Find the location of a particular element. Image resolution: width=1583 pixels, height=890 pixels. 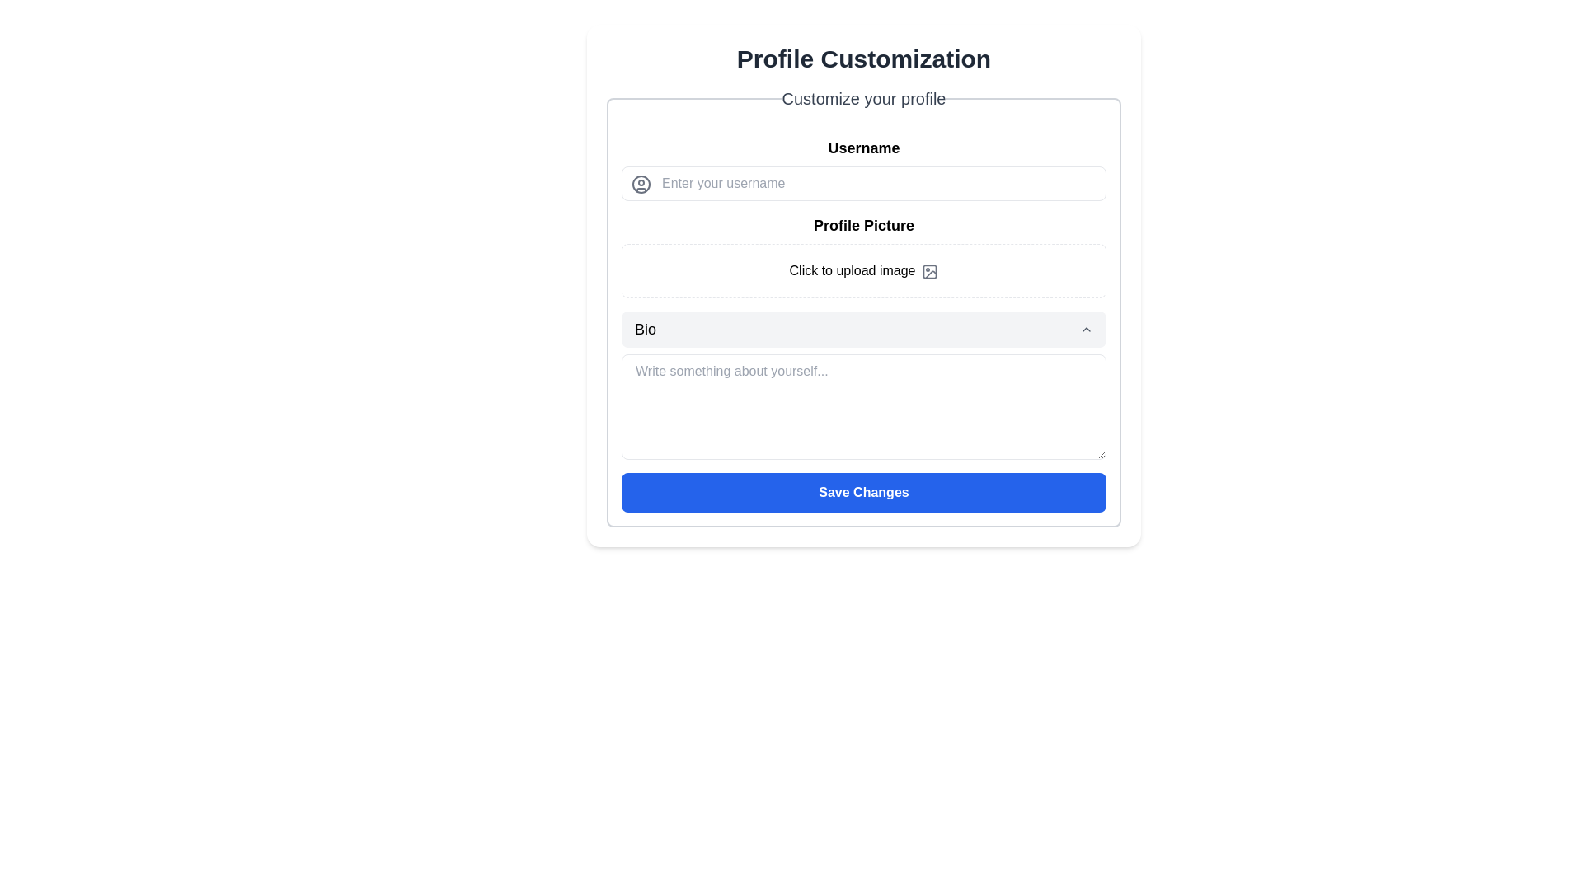

the 'Username' text label, which is styled in a bold, large font and serves as a header for the username input field in the profile customization interface is located at coordinates (862, 148).